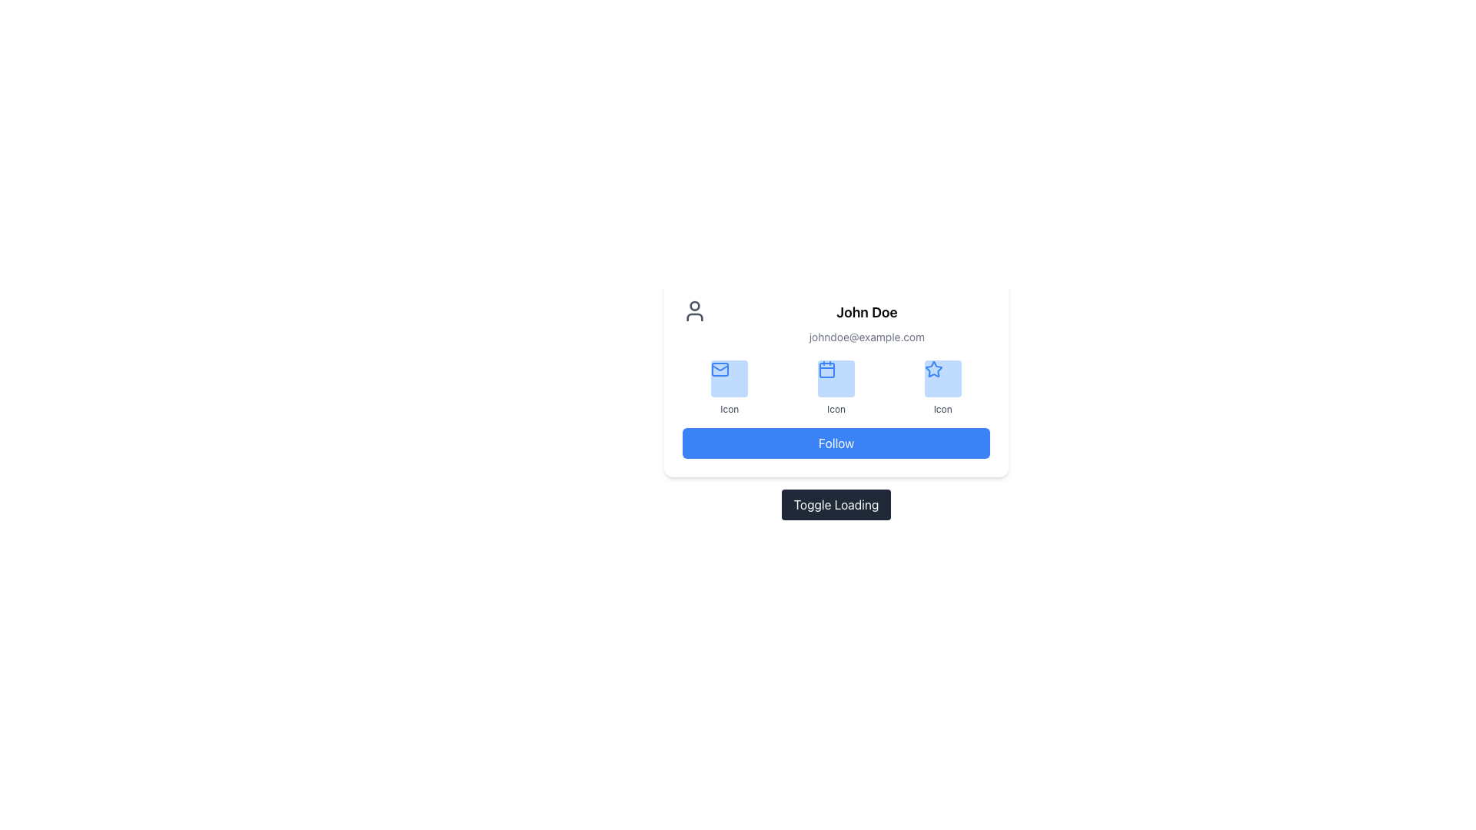 The image size is (1476, 830). I want to click on the star-shaped icon with a blueprint color scheme located as the rightmost icon in the row of icons below the user information section, so click(932, 368).